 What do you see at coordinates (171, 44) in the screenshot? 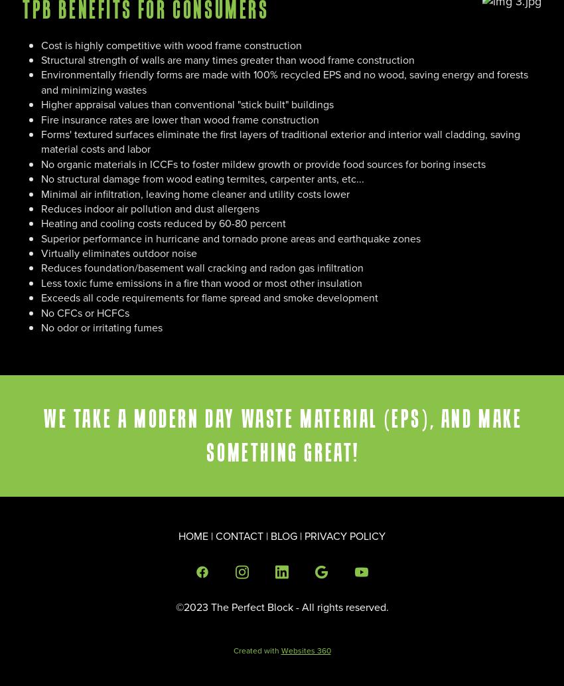
I see `'Cost is highly competitive with wood frame construction'` at bounding box center [171, 44].